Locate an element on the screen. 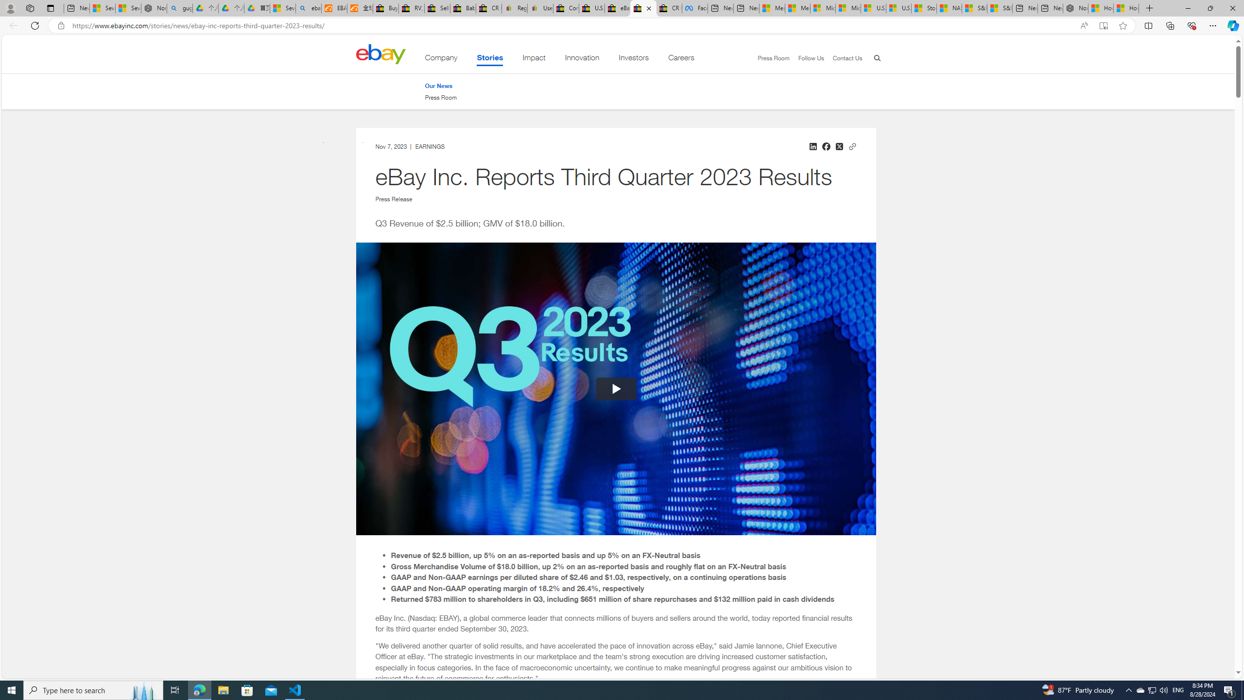 This screenshot has height=700, width=1244. 'Split screen' is located at coordinates (1149, 25).